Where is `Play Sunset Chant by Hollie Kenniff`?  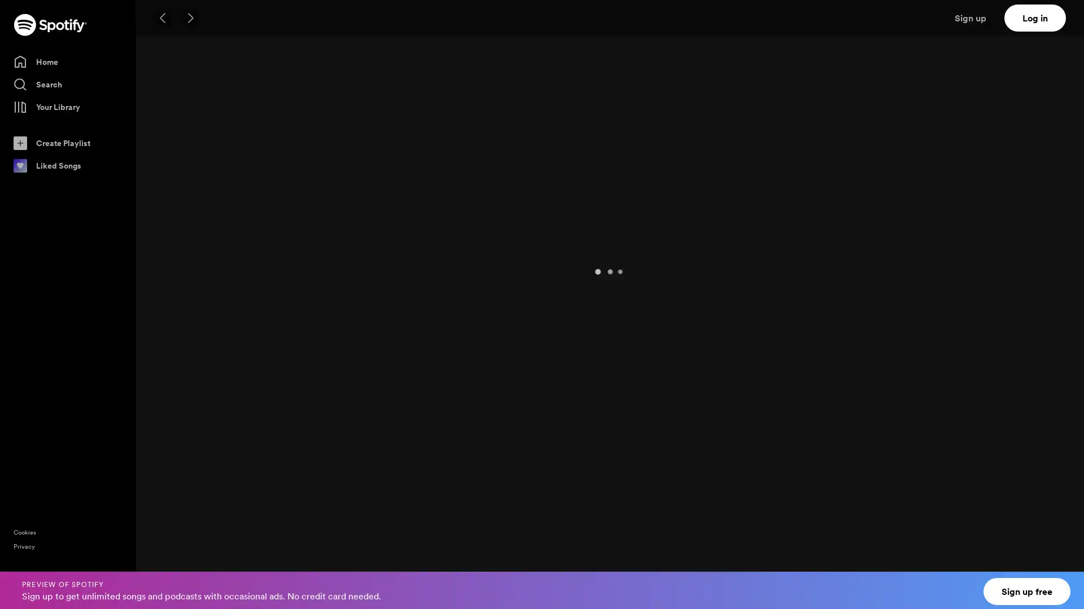
Play Sunset Chant by Hollie Kenniff is located at coordinates (168, 518).